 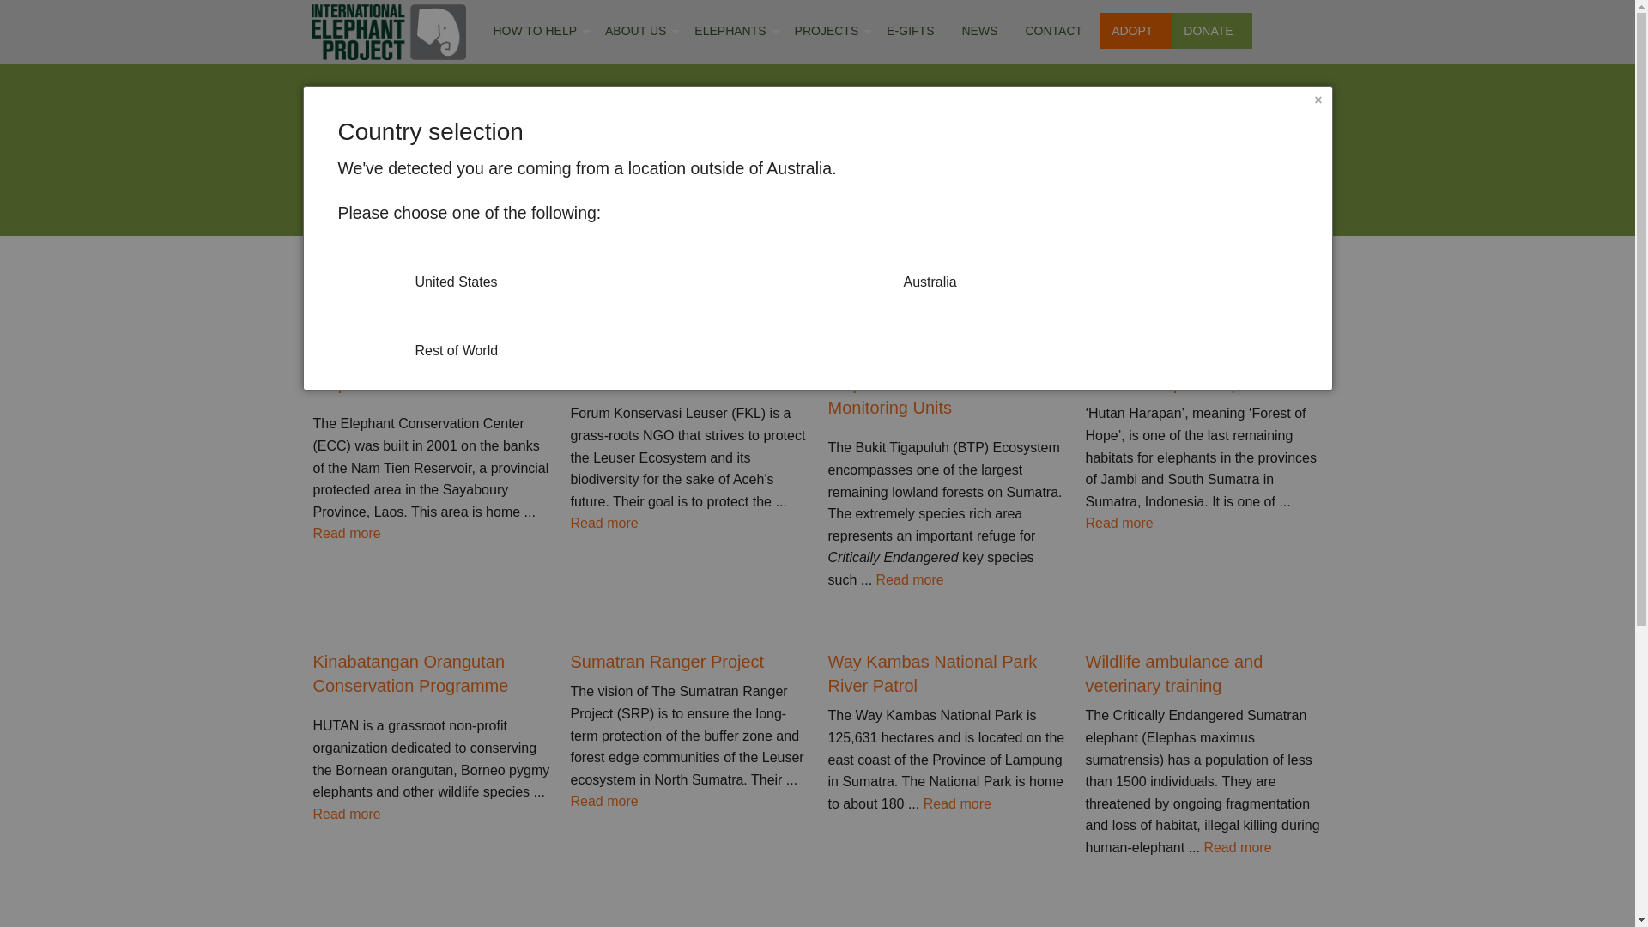 What do you see at coordinates (1136, 30) in the screenshot?
I see `'ADOPT'` at bounding box center [1136, 30].